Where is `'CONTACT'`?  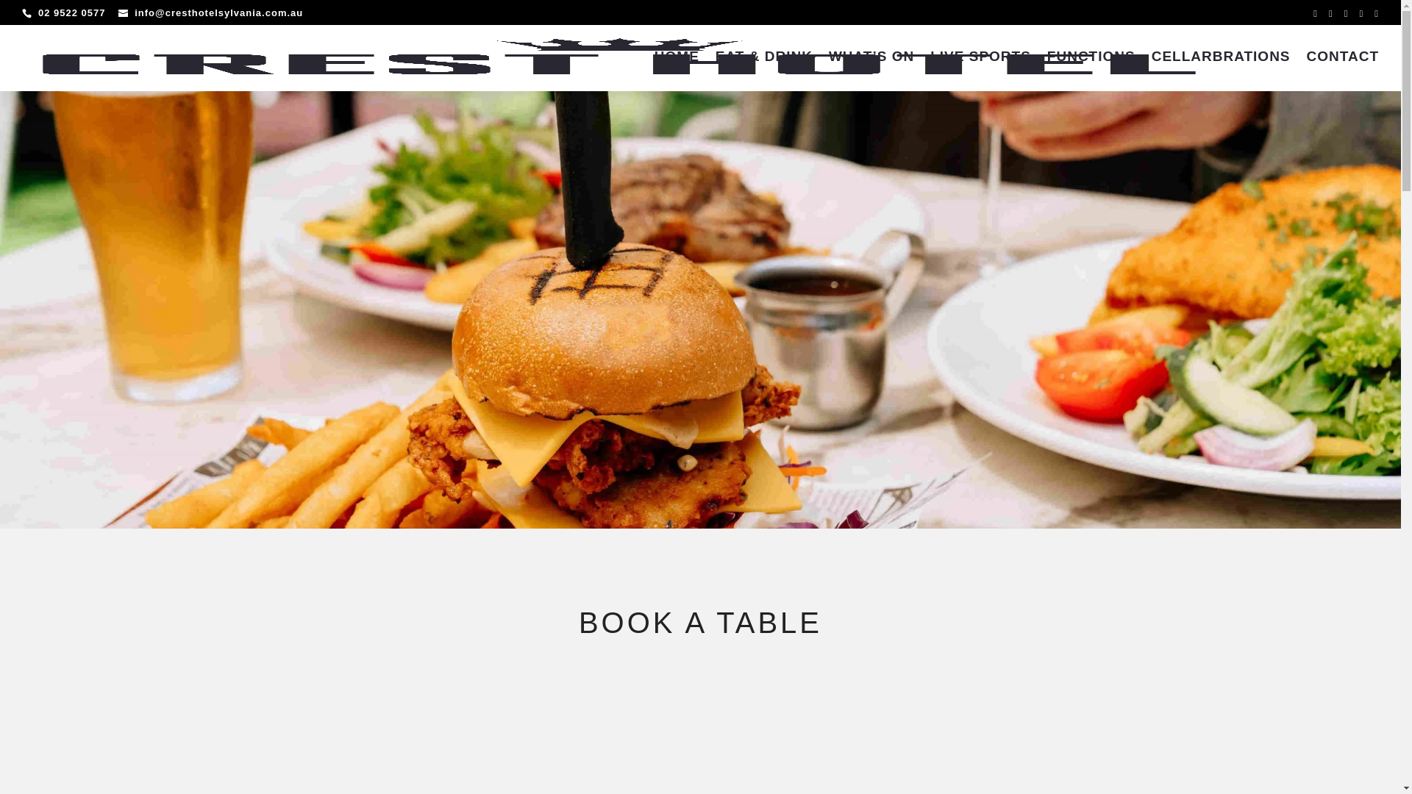
'CONTACT' is located at coordinates (1342, 71).